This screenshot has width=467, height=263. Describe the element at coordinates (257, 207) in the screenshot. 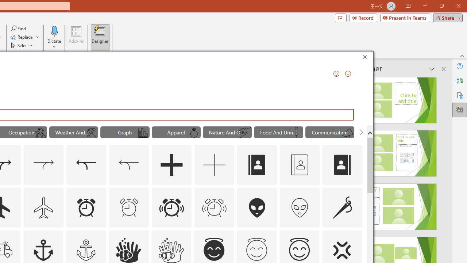

I see `'AutomationID: Icons_AlienFace'` at that location.